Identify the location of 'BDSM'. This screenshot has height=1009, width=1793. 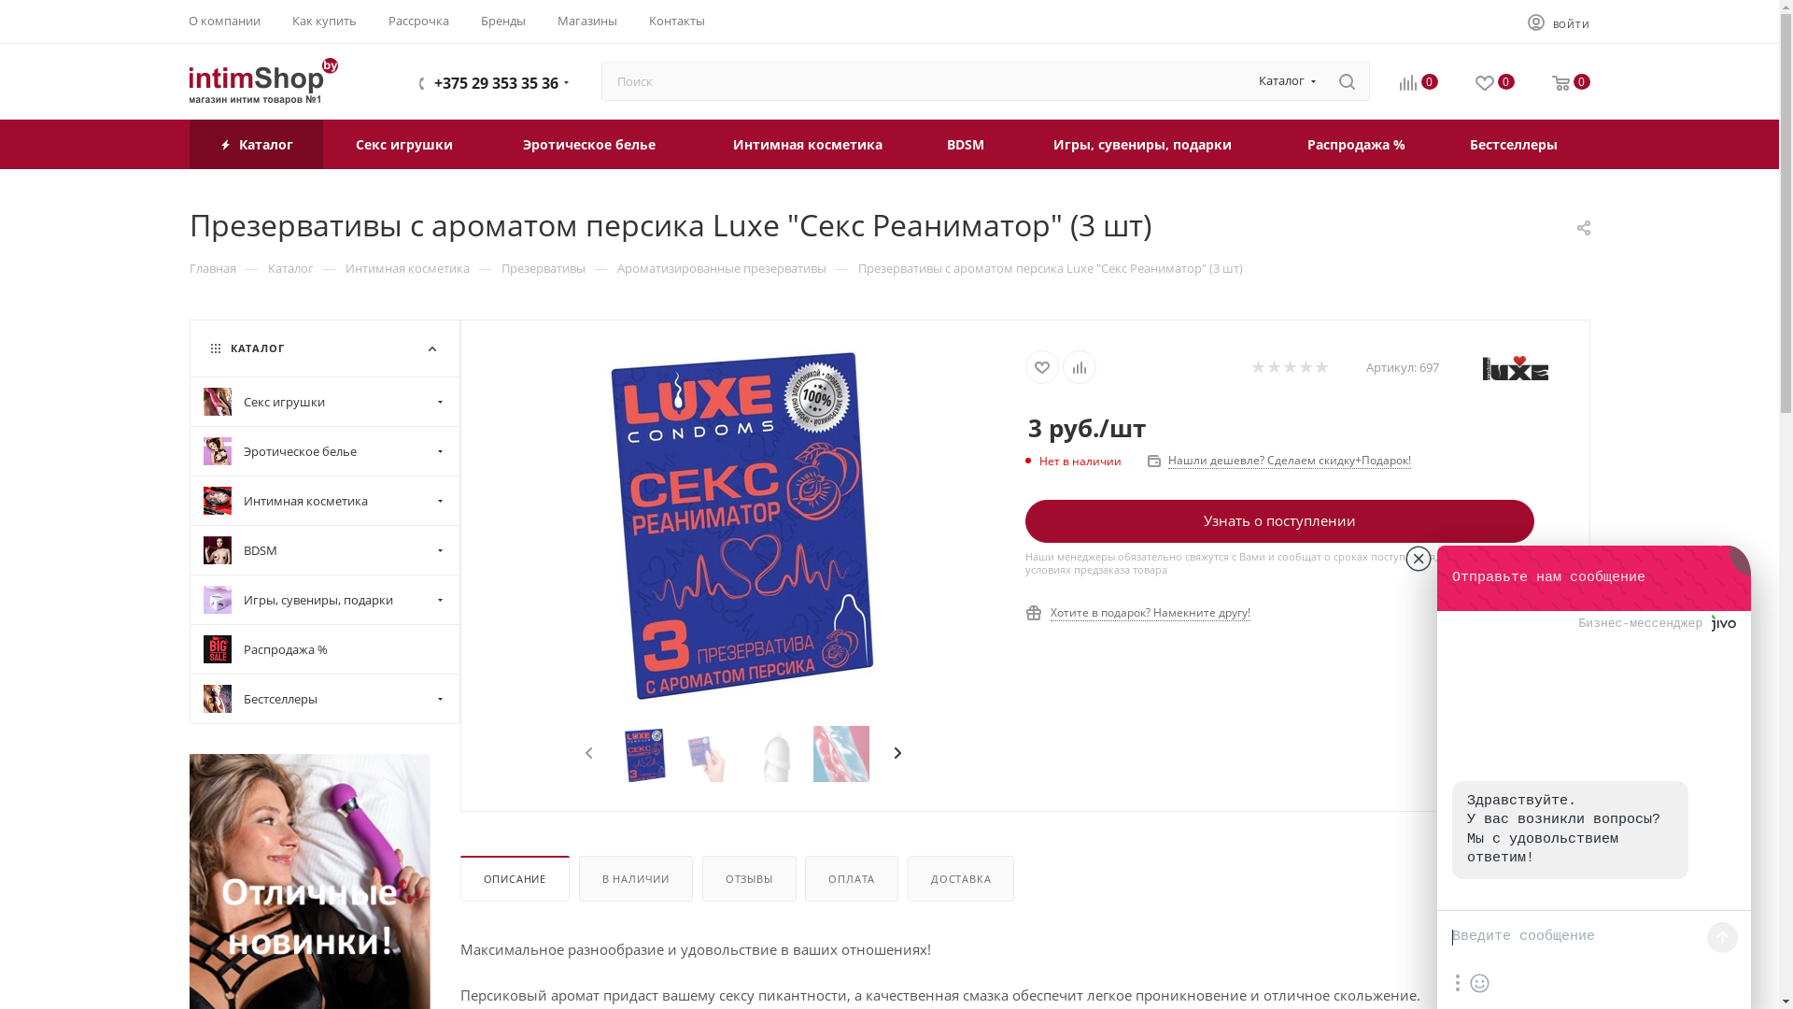
(188, 548).